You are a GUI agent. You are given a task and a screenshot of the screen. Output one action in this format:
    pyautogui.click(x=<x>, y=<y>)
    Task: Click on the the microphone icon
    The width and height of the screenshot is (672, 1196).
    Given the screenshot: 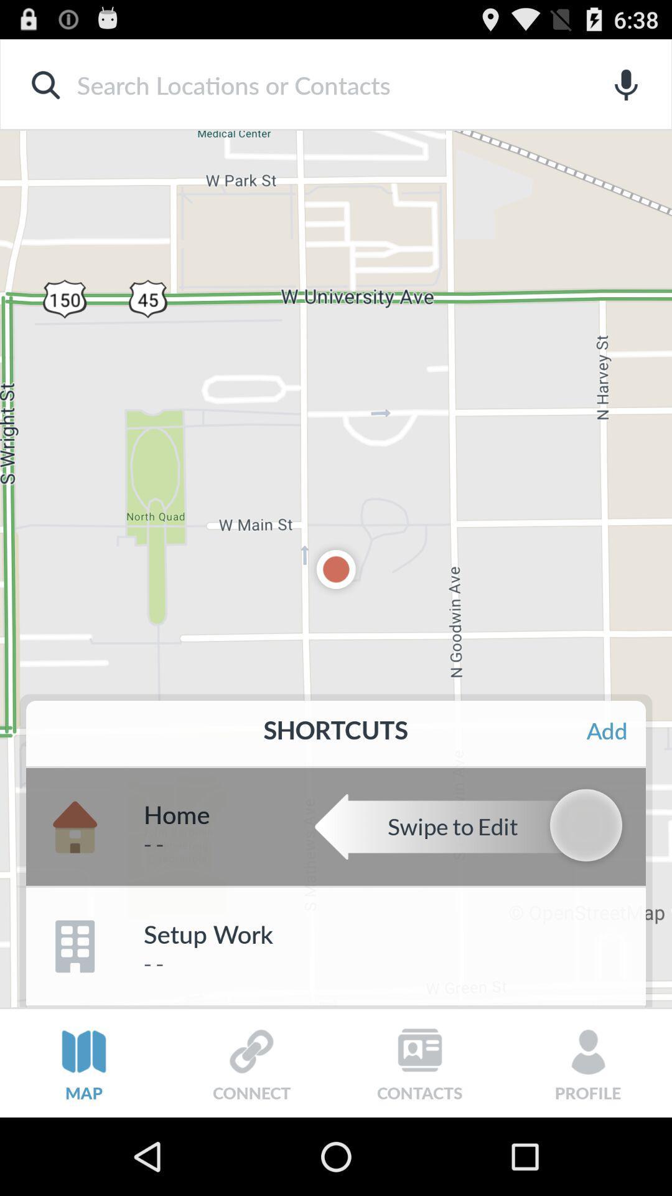 What is the action you would take?
    pyautogui.click(x=626, y=90)
    